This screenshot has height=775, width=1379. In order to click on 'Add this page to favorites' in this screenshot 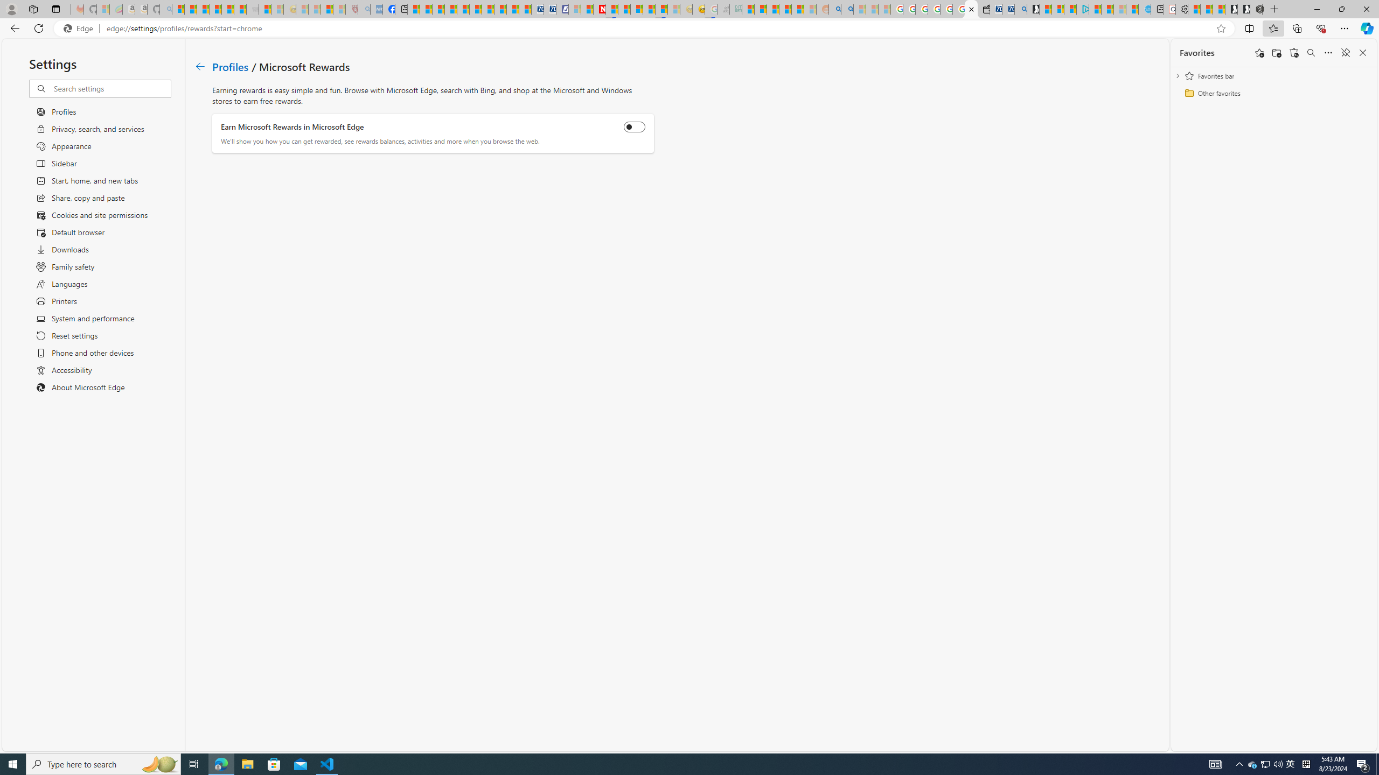, I will do `click(1259, 52)`.